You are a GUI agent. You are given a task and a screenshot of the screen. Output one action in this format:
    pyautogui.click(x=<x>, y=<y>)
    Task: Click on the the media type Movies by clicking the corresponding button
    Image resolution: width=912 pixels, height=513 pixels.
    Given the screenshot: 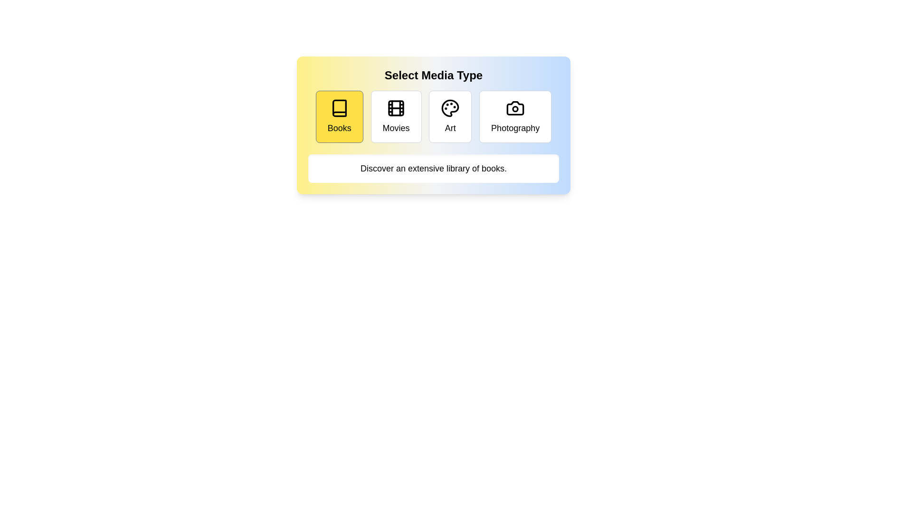 What is the action you would take?
    pyautogui.click(x=396, y=116)
    